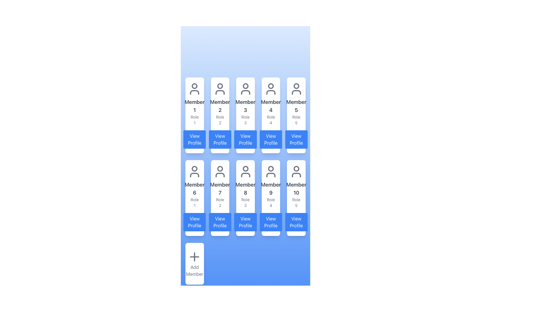  I want to click on the User Avatar/Icon located at the top of the card for 'Member 5', so click(296, 89).